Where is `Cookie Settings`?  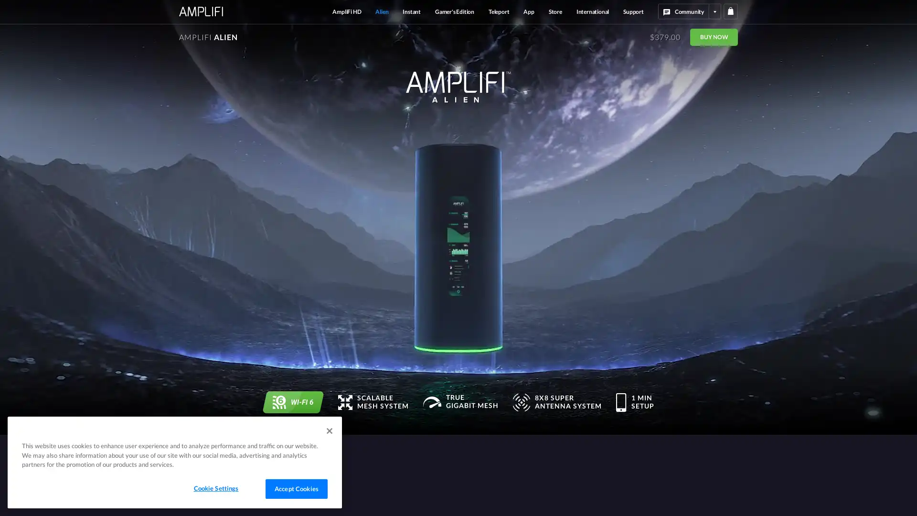 Cookie Settings is located at coordinates (215, 488).